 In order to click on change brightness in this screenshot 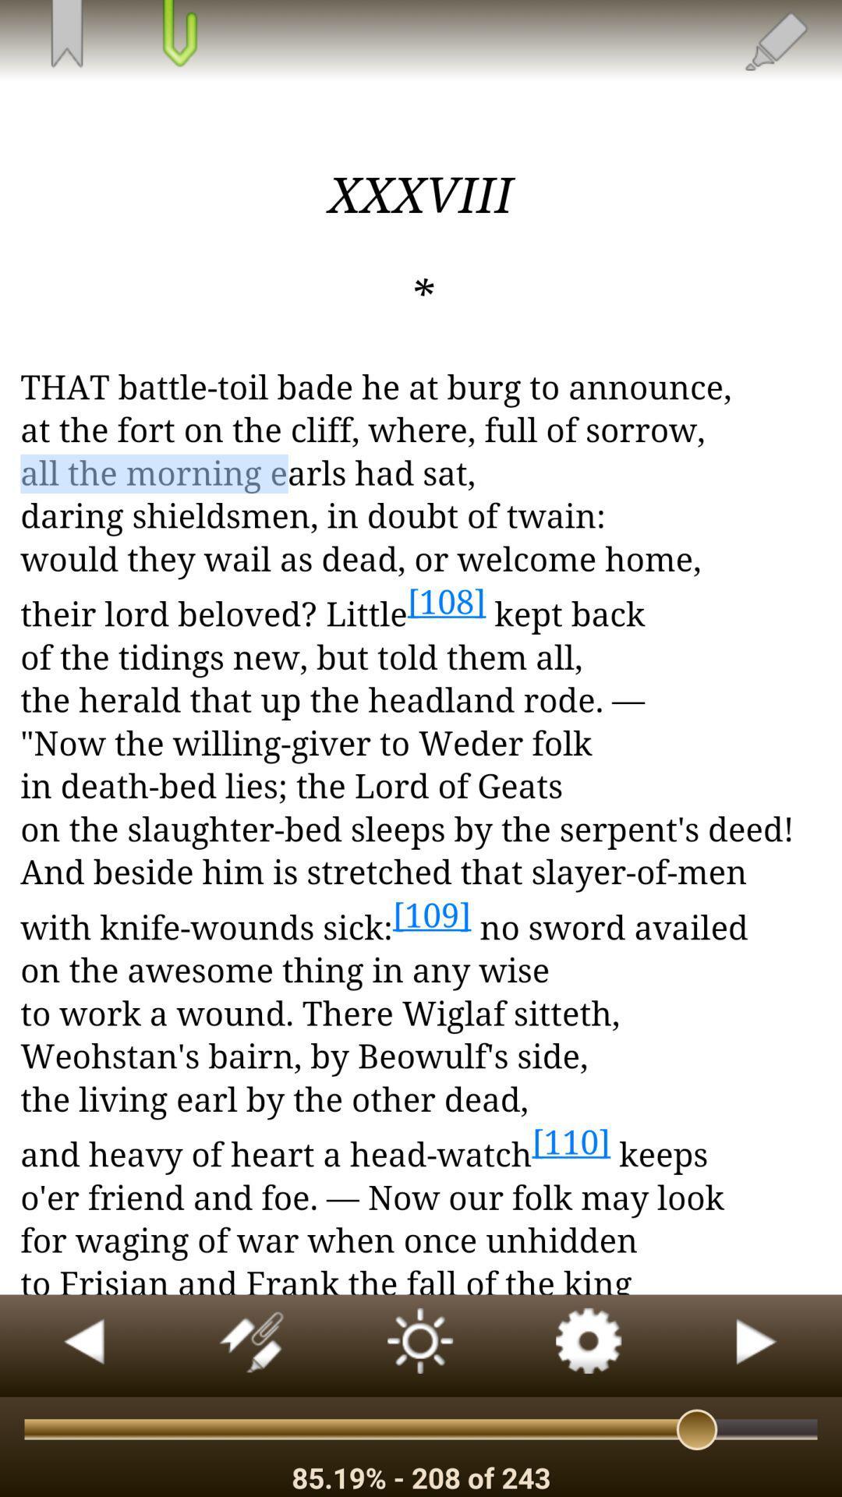, I will do `click(421, 1345)`.